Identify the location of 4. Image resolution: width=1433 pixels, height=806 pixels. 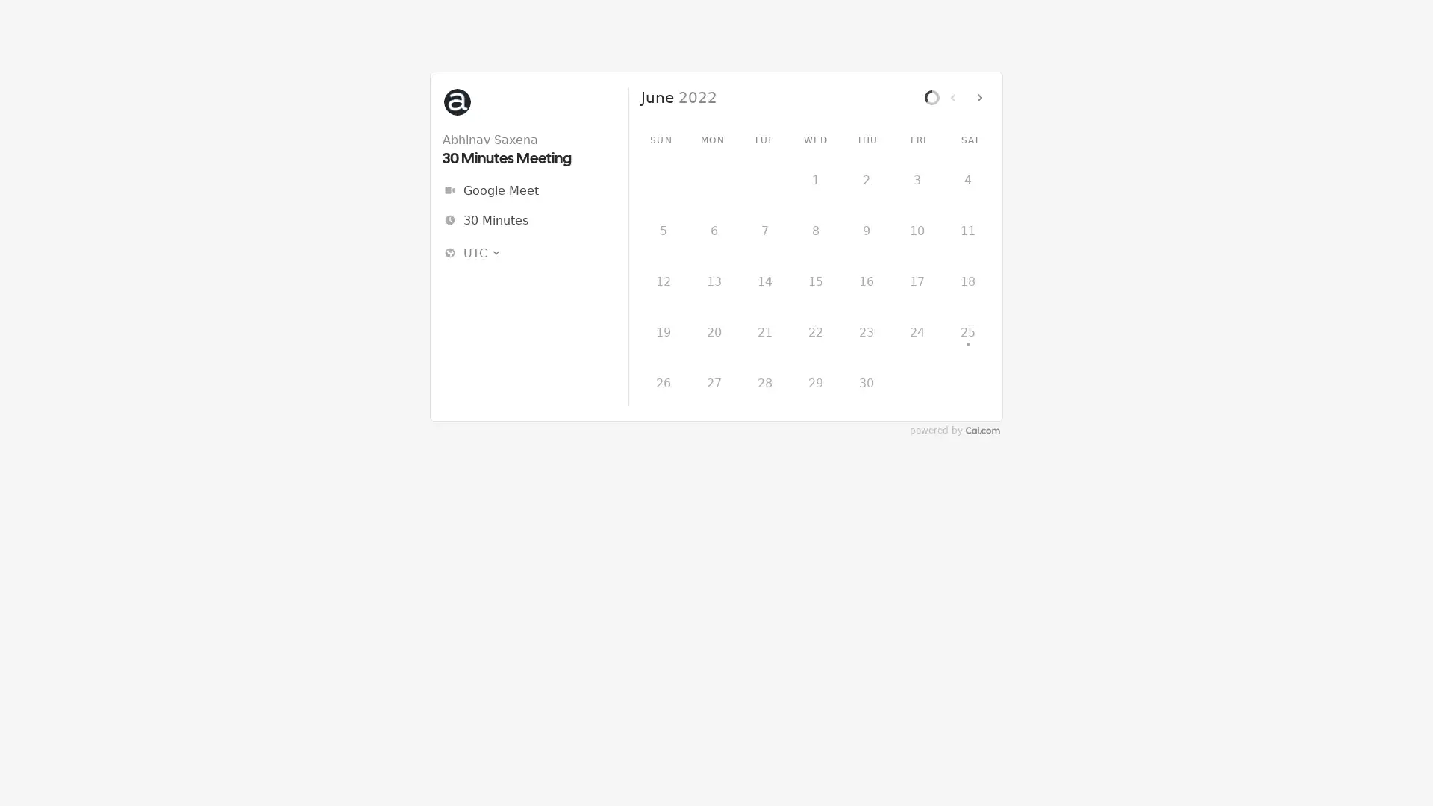
(967, 179).